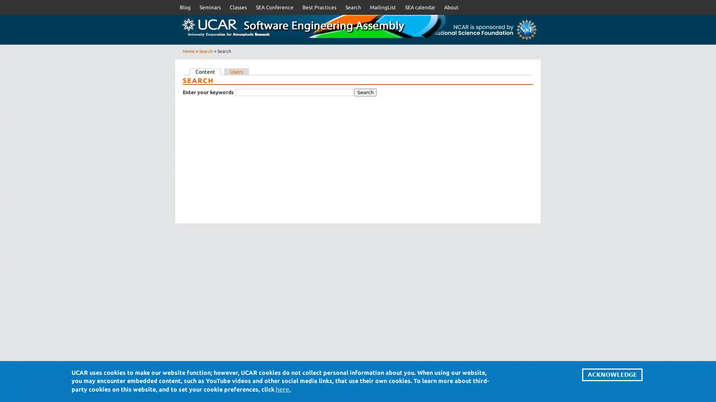 This screenshot has width=716, height=402. Describe the element at coordinates (365, 92) in the screenshot. I see `Search` at that location.